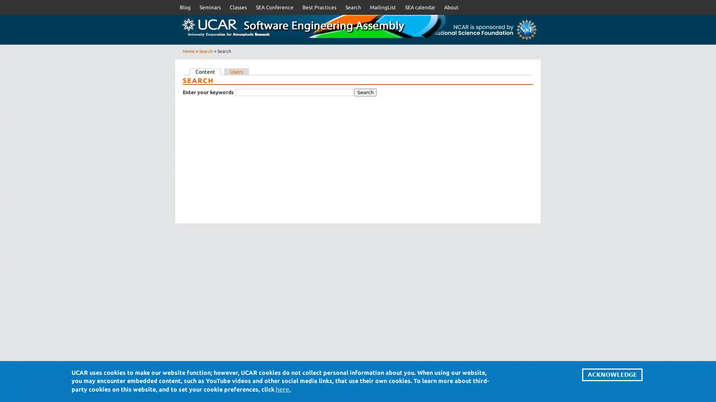 This screenshot has width=716, height=402. Describe the element at coordinates (365, 92) in the screenshot. I see `Search` at that location.